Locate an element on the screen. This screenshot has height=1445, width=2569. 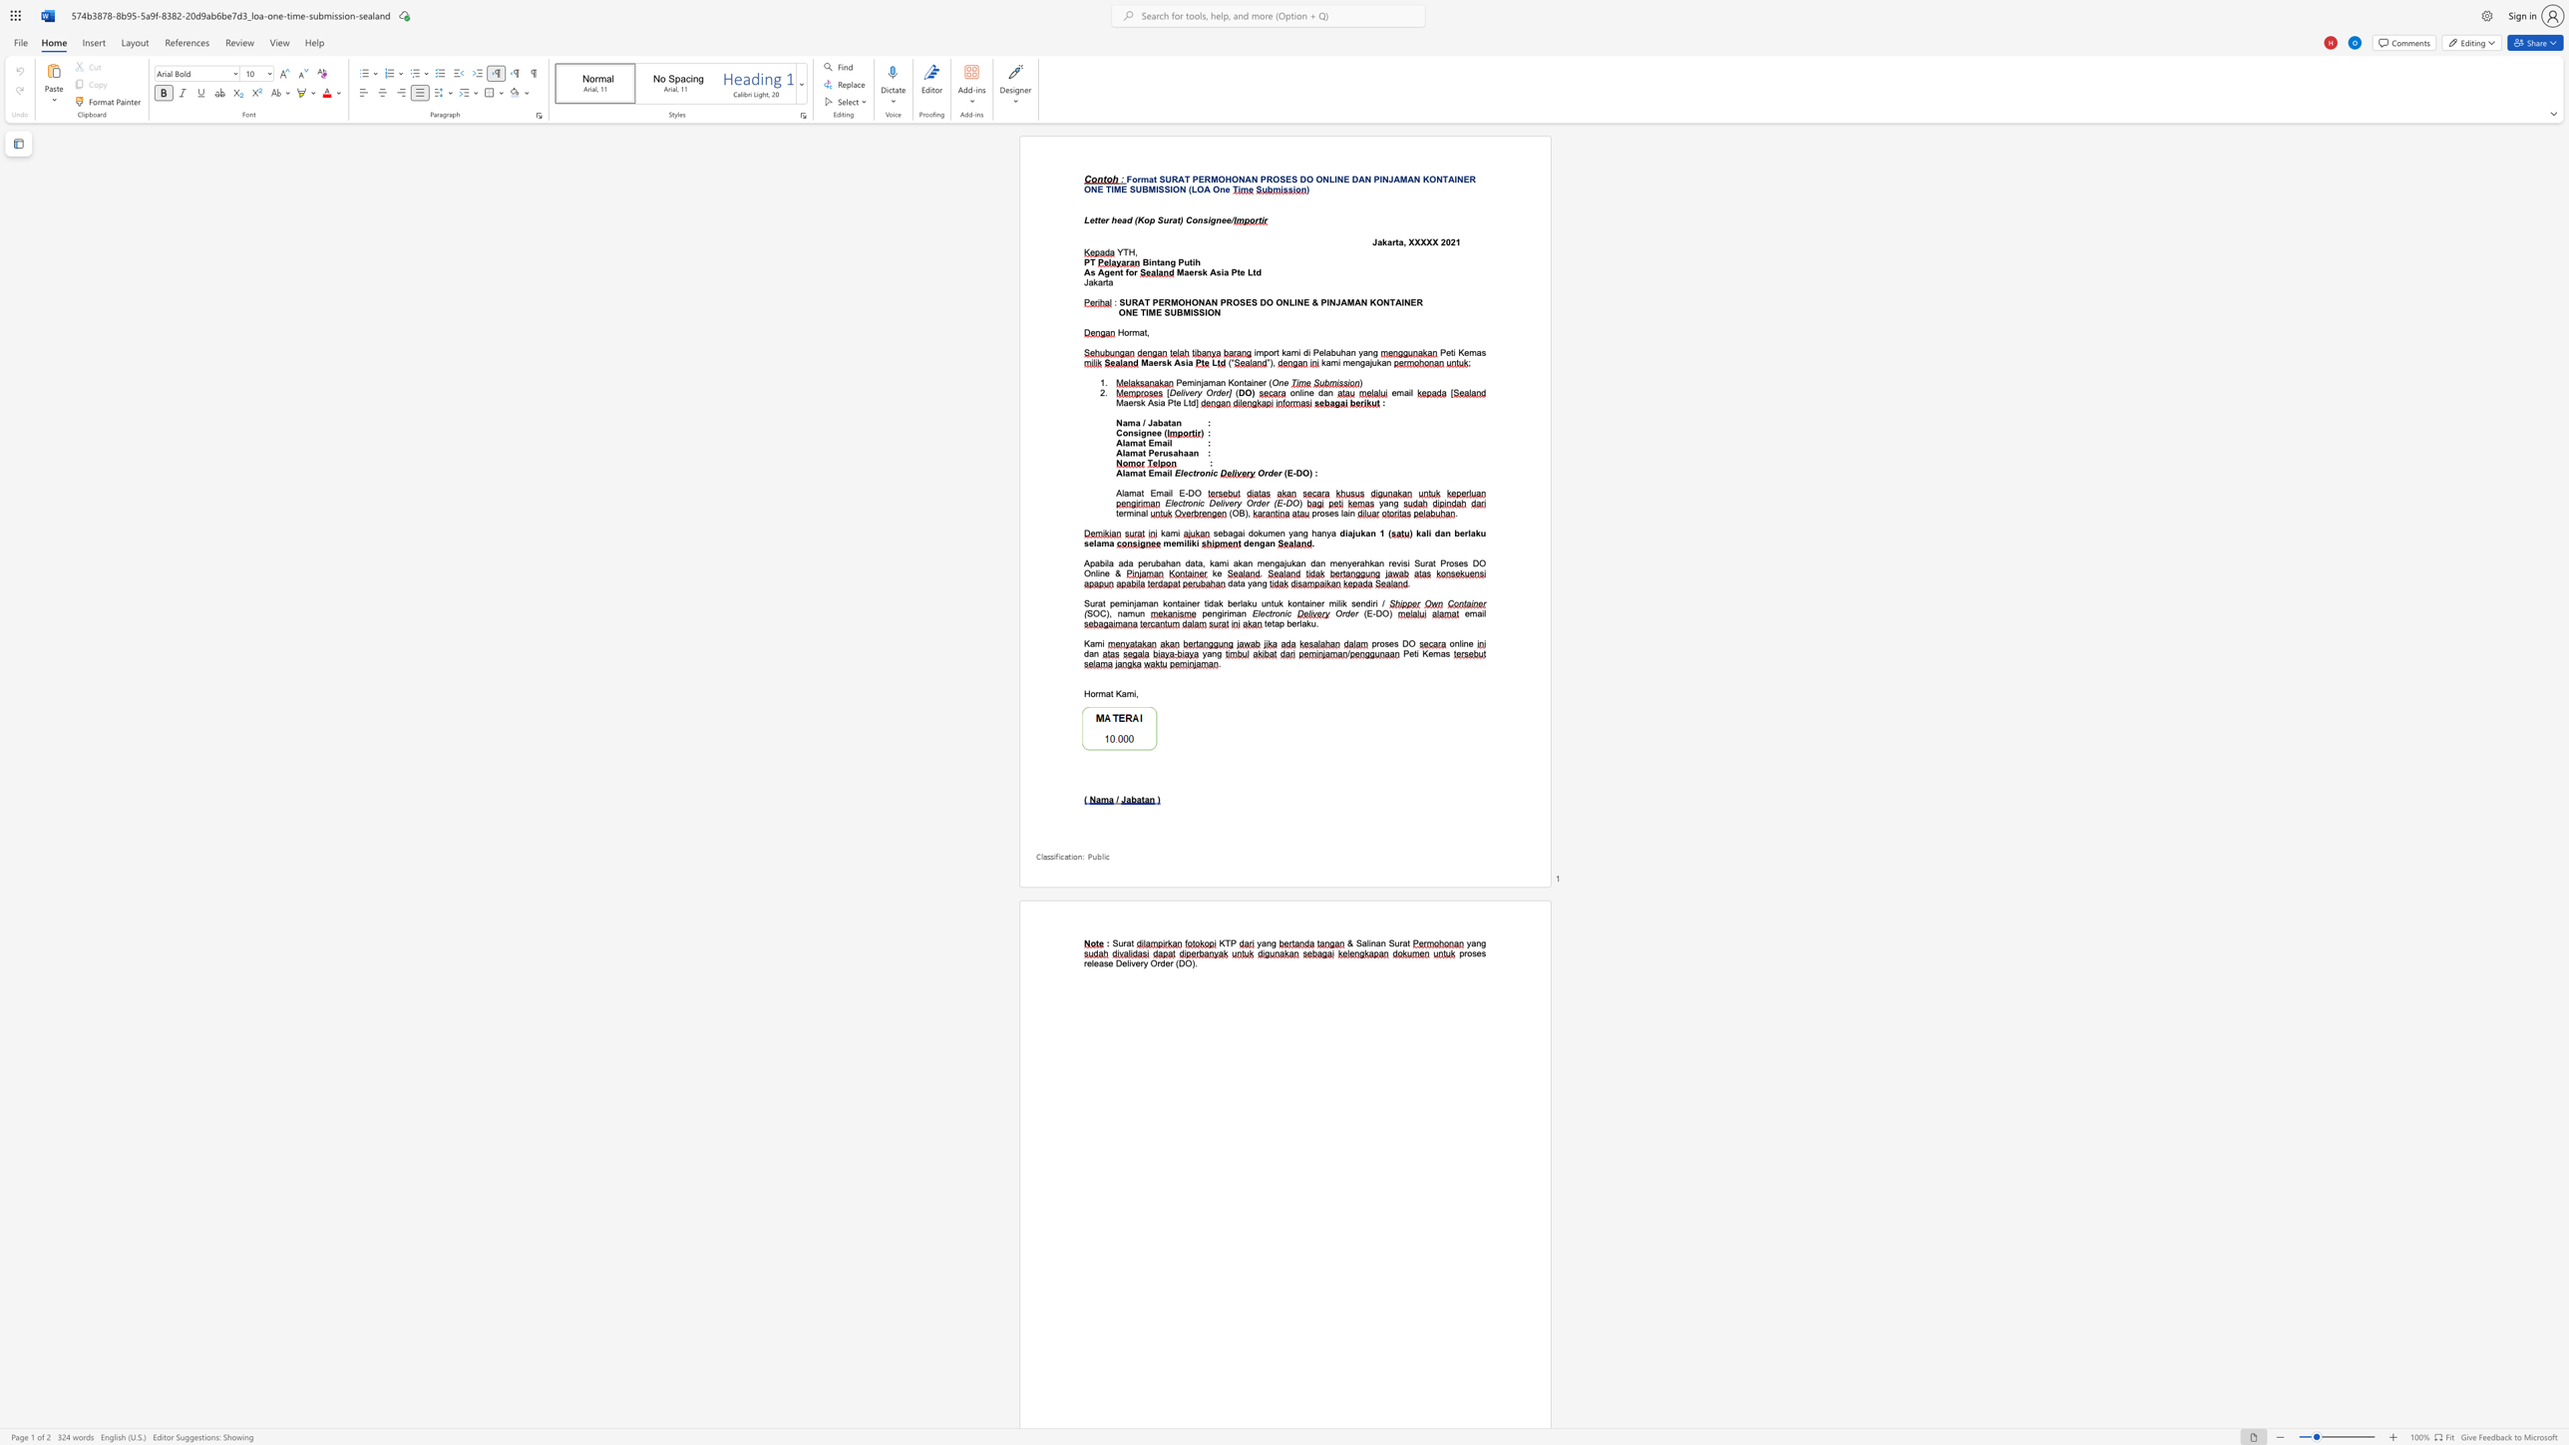
the space between the continuous character "O" and "r" in the text is located at coordinates (1212, 393).